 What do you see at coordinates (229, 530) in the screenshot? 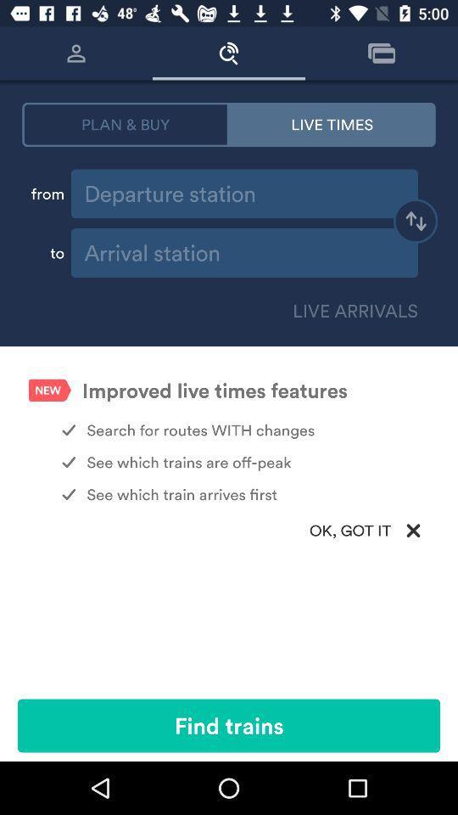
I see `the item above find trains icon` at bounding box center [229, 530].